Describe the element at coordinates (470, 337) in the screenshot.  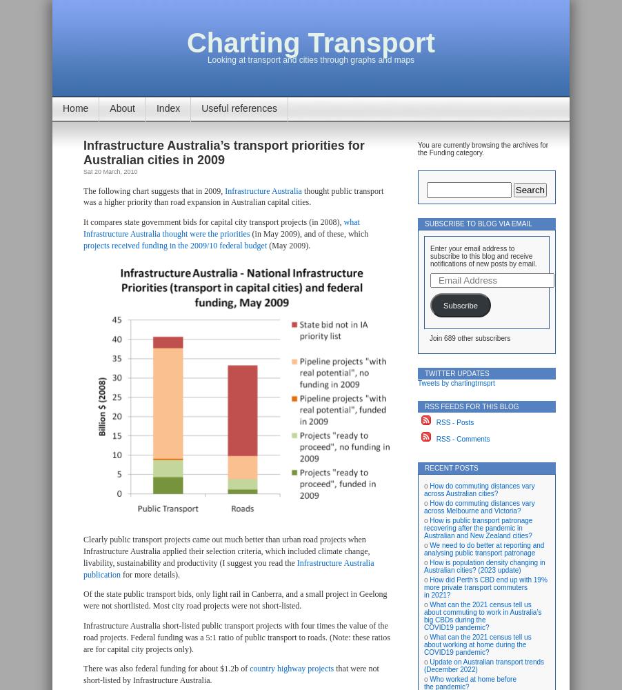
I see `'Join 689 other subscribers'` at that location.